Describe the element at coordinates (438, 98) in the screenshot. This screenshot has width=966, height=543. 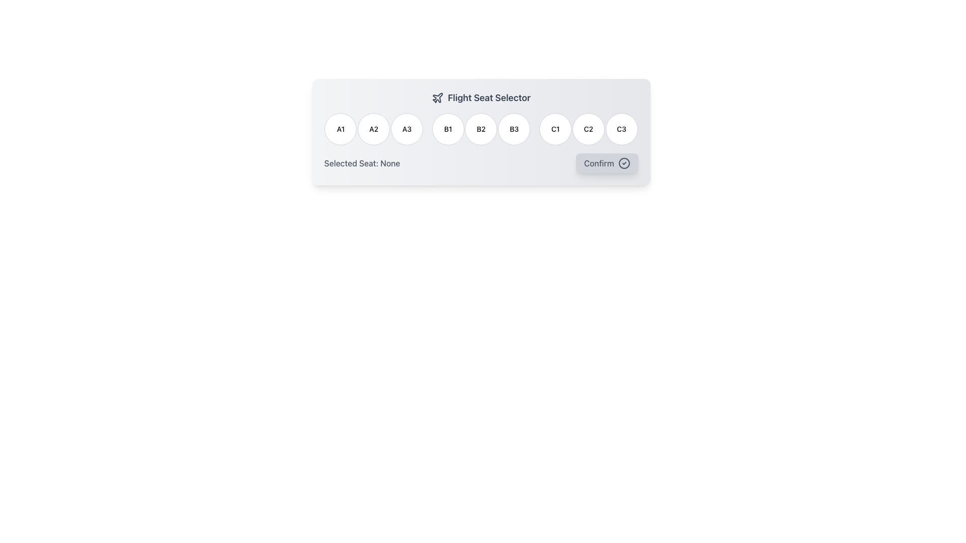
I see `the decorative flight icon associated with the 'Flight Seat Selector' label located in the top-left region of the interface` at that location.